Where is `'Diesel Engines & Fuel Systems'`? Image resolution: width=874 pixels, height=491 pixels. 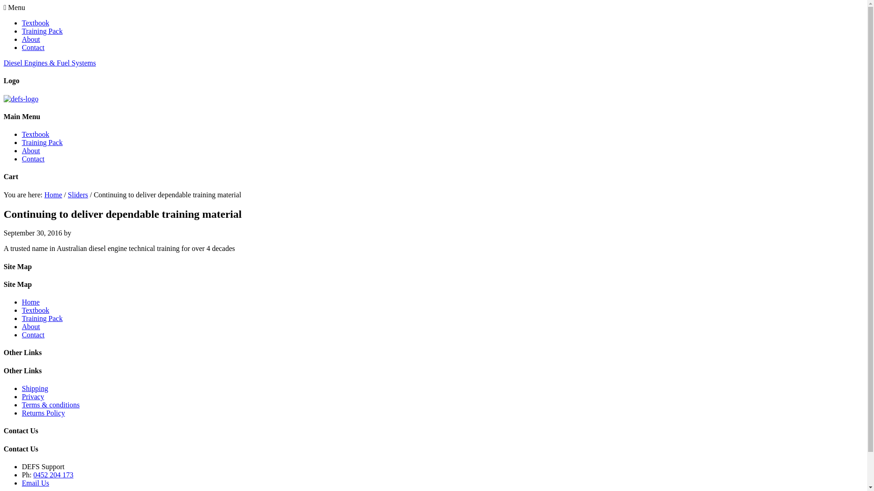 'Diesel Engines & Fuel Systems' is located at coordinates (49, 62).